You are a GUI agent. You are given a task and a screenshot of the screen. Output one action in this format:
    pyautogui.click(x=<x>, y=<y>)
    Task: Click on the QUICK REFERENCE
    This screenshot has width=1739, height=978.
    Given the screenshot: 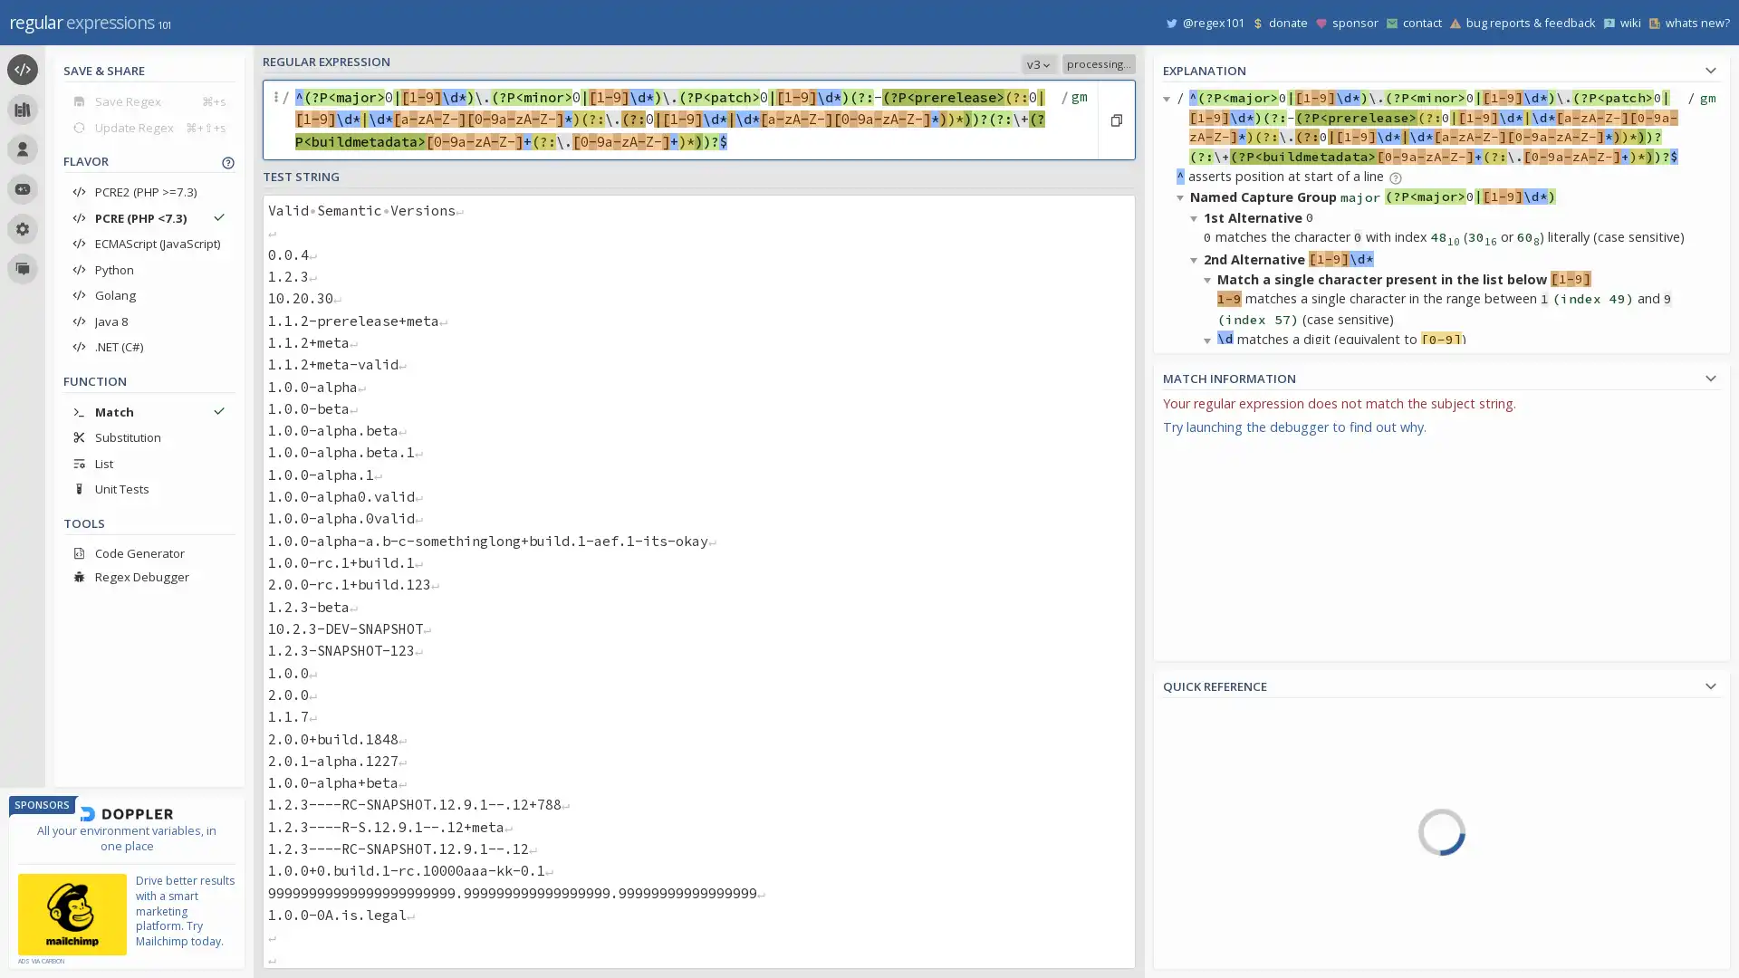 What is the action you would take?
    pyautogui.click(x=1441, y=684)
    